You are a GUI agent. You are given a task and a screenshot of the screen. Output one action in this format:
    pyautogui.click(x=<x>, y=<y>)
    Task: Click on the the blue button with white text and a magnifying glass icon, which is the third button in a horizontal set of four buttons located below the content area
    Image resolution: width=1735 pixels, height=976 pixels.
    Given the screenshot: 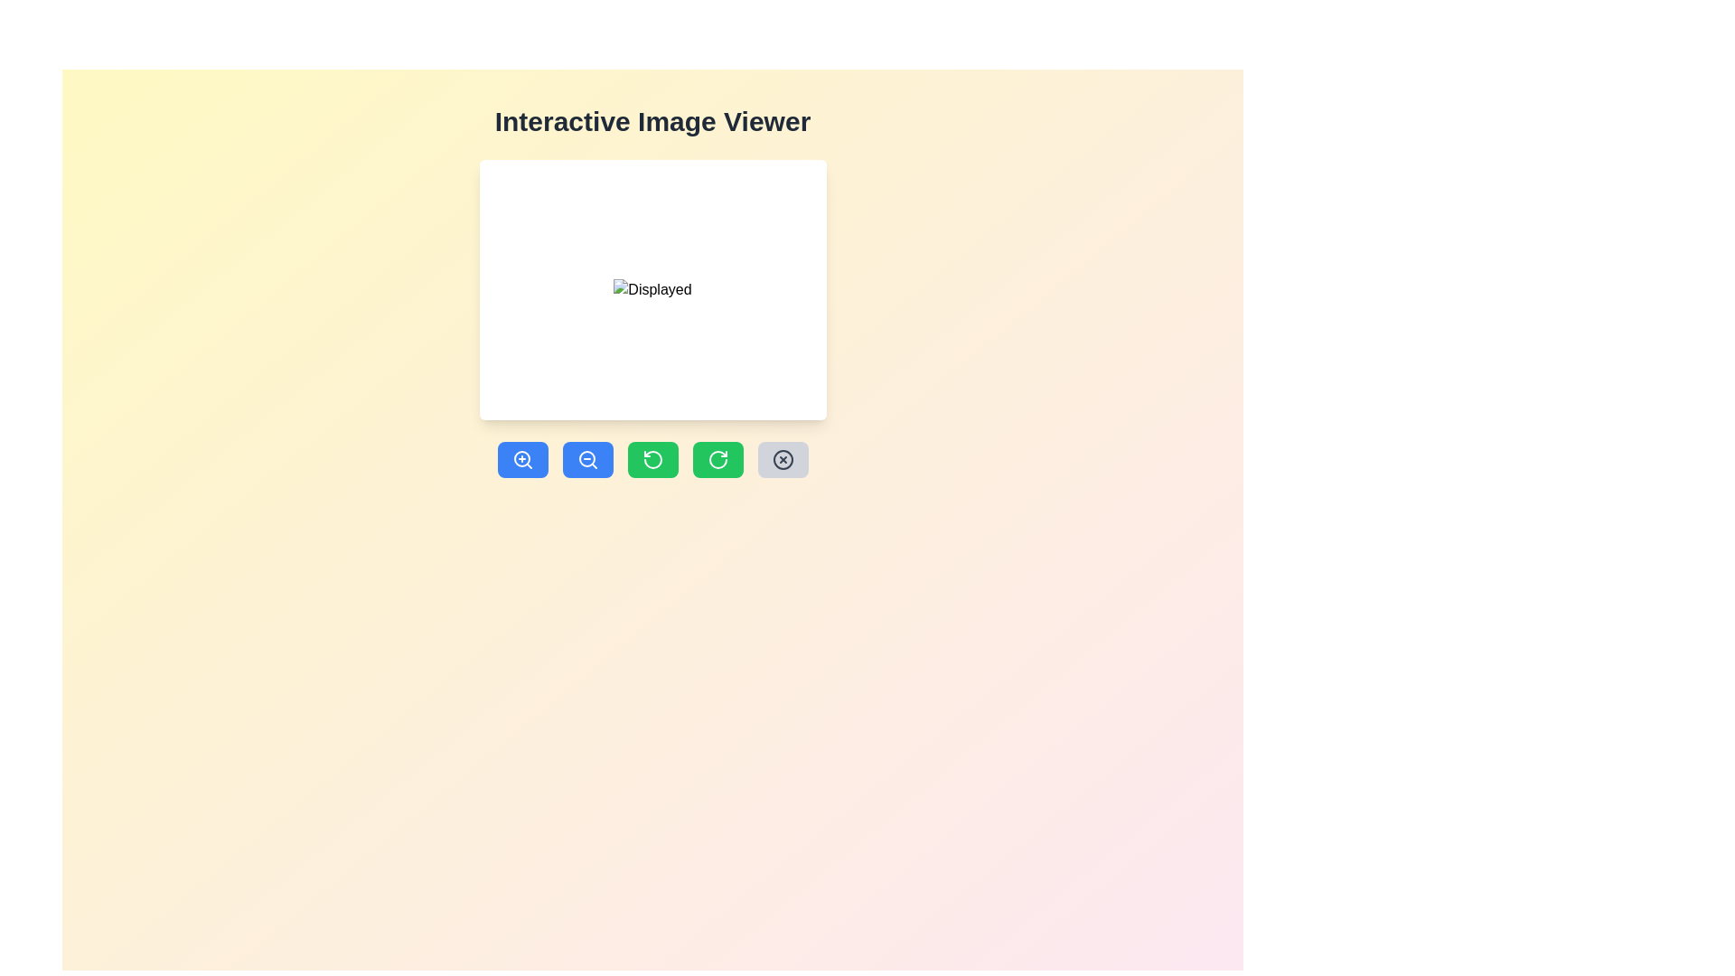 What is the action you would take?
    pyautogui.click(x=587, y=459)
    